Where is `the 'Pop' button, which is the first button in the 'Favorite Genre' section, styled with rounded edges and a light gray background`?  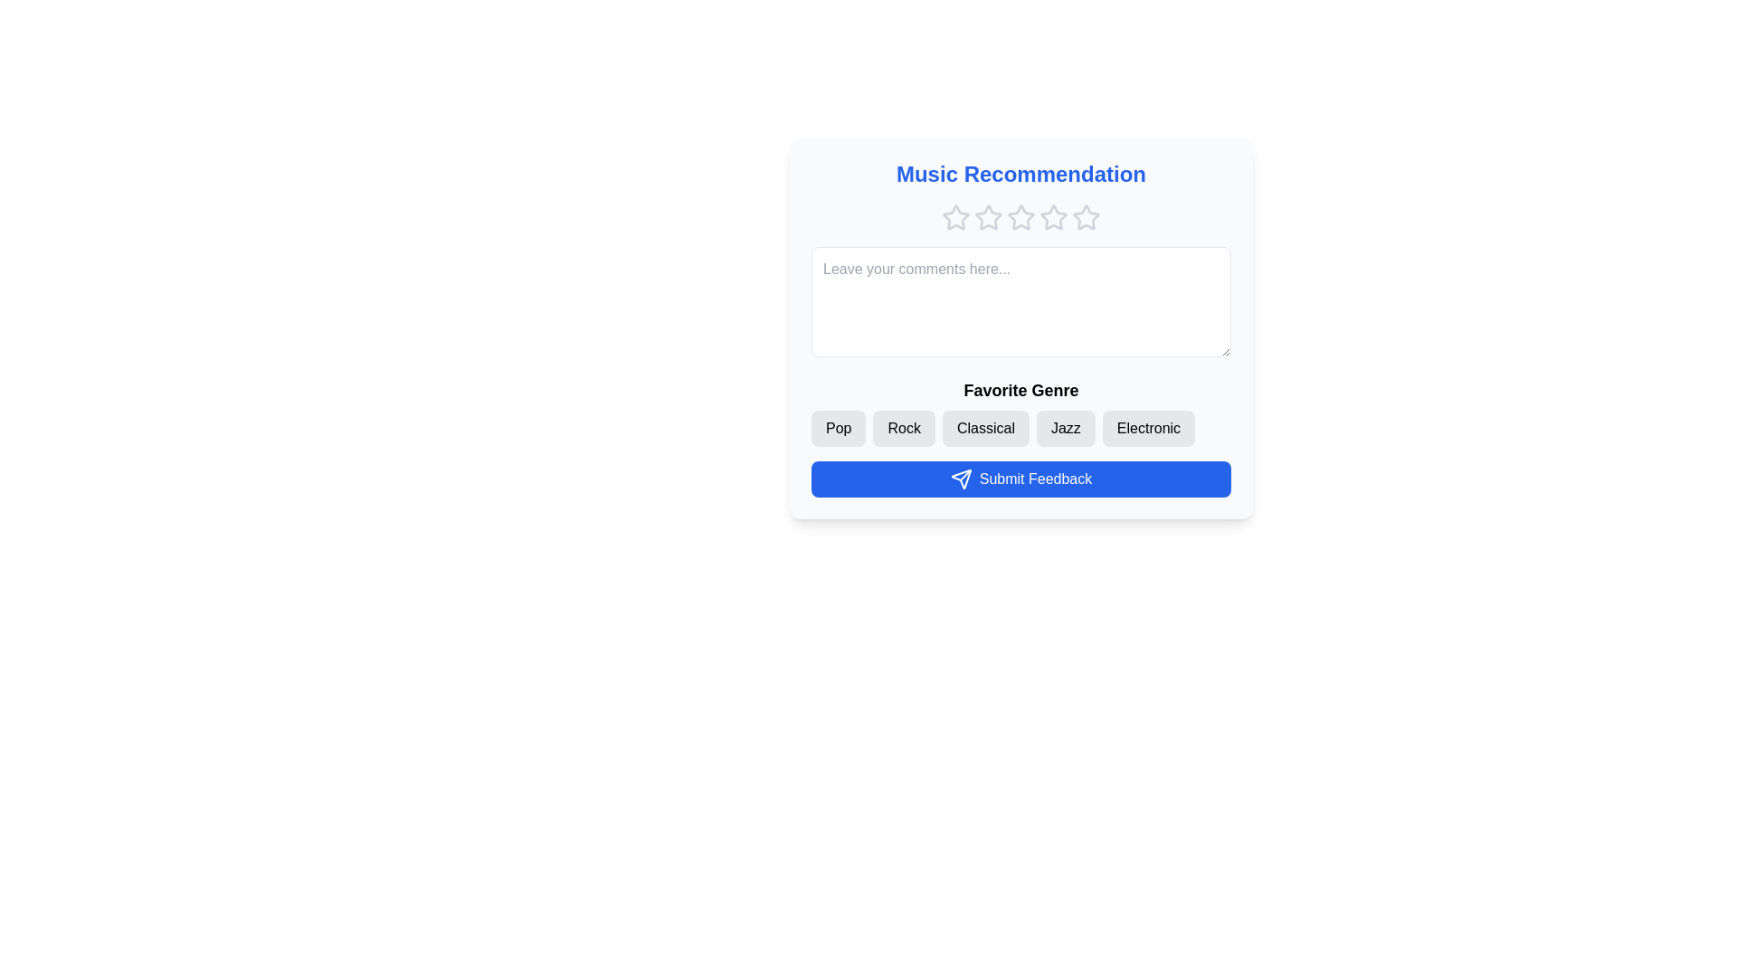 the 'Pop' button, which is the first button in the 'Favorite Genre' section, styled with rounded edges and a light gray background is located at coordinates (837, 429).